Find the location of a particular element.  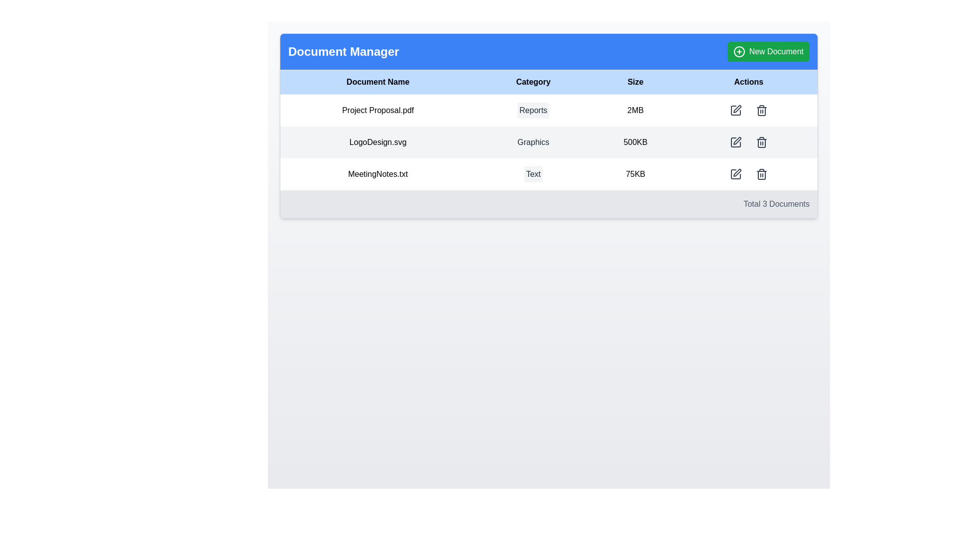

the create new document button located in the top-right corner of the blue header bar labeled 'Document Manager' is located at coordinates (768, 52).